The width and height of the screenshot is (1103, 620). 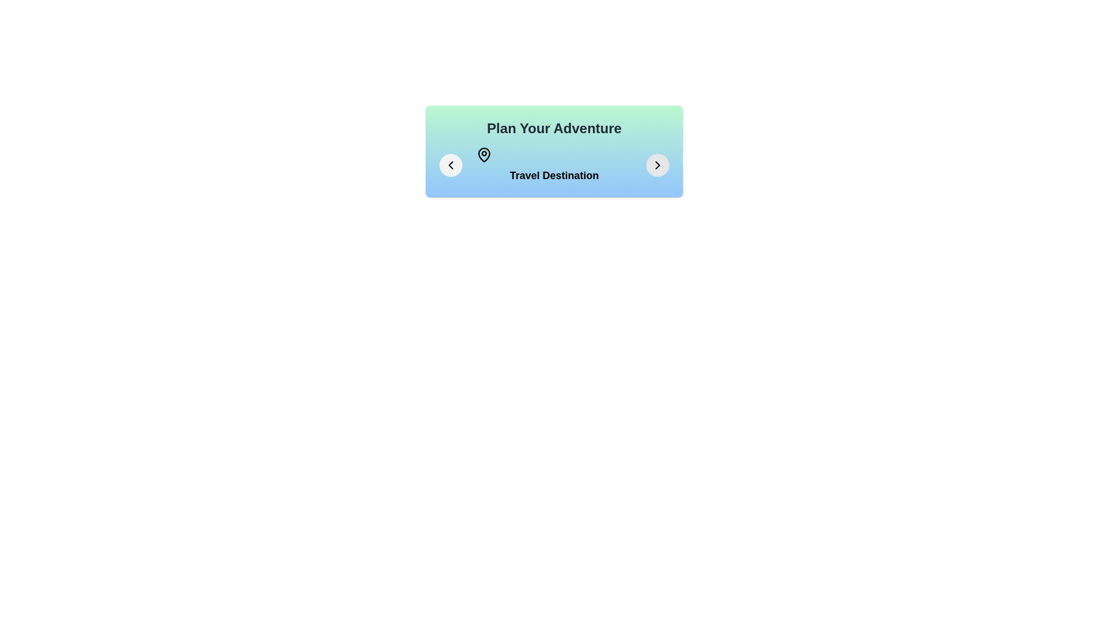 I want to click on the icon representing the current stage in the navigation bar, so click(x=554, y=165).